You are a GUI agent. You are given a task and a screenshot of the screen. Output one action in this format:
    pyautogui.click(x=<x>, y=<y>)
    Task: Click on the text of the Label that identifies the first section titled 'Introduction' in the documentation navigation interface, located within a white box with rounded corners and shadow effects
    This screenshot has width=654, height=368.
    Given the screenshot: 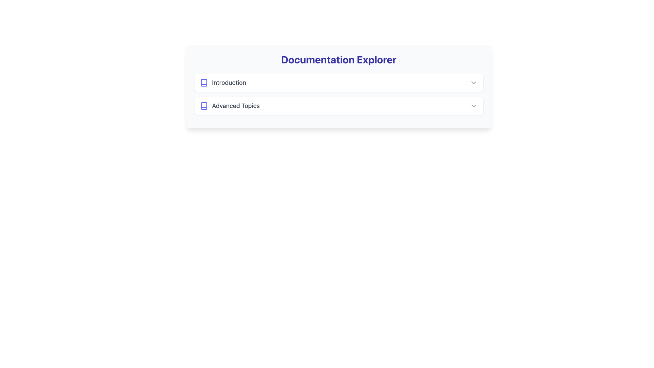 What is the action you would take?
    pyautogui.click(x=223, y=82)
    